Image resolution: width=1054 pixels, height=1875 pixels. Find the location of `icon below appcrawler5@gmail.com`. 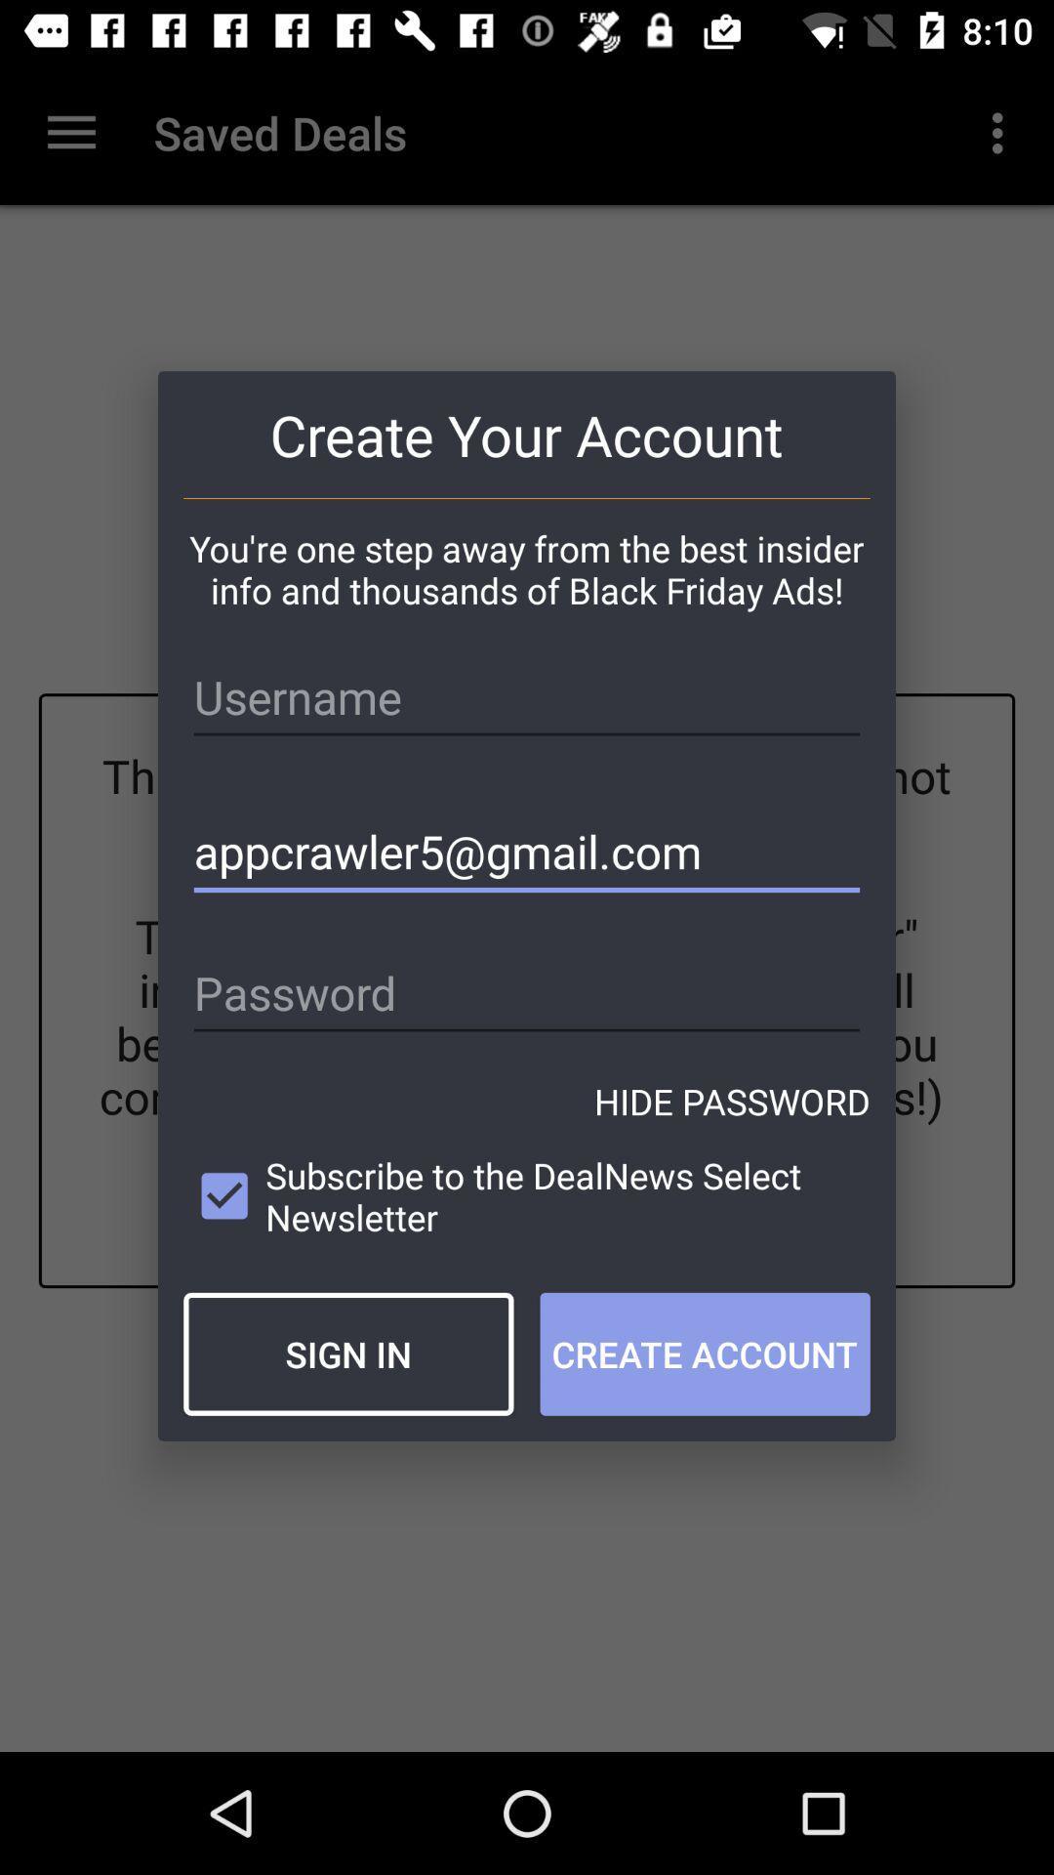

icon below appcrawler5@gmail.com is located at coordinates (527, 993).